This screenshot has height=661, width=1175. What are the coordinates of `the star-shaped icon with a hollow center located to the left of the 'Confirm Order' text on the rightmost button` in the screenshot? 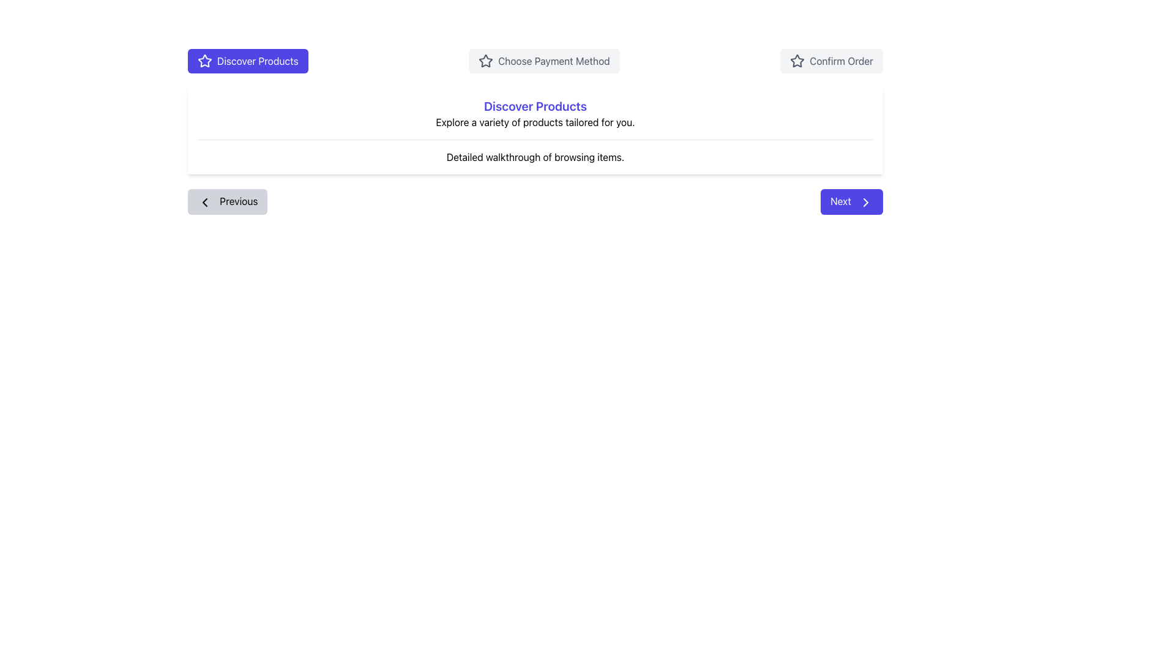 It's located at (797, 61).